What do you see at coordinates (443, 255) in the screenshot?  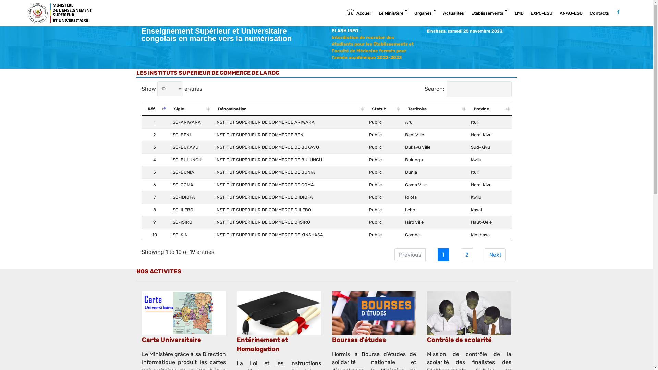 I see `'1'` at bounding box center [443, 255].